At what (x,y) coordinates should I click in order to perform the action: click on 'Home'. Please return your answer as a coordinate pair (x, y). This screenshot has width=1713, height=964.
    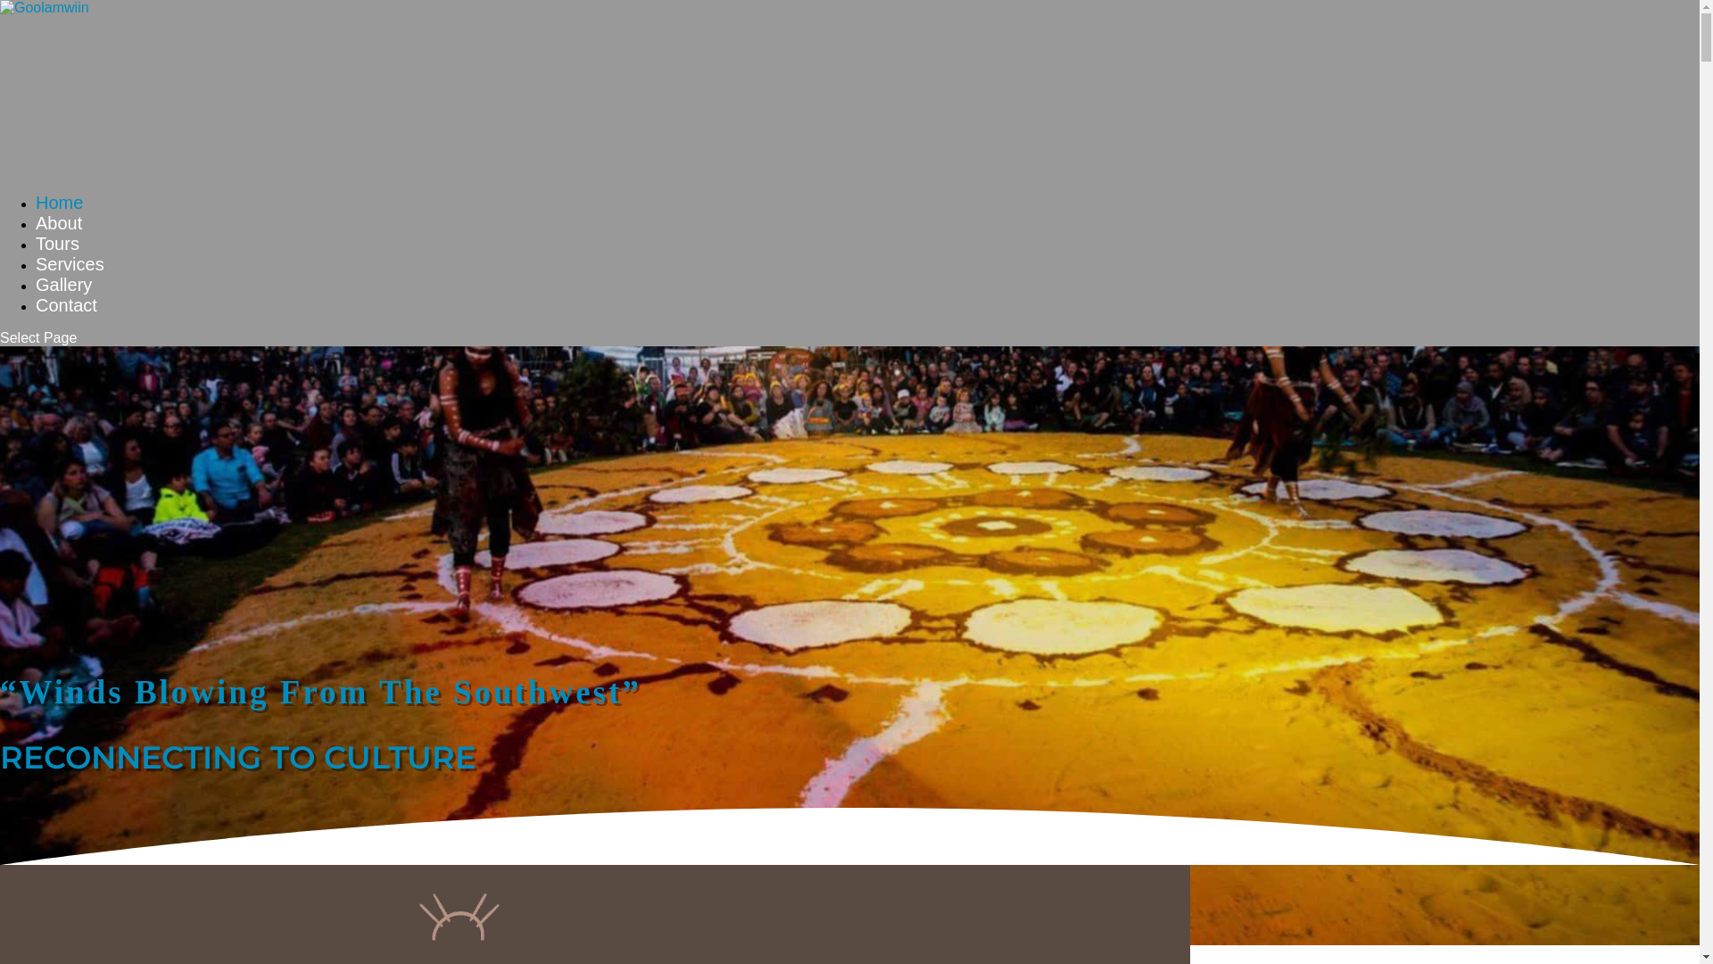
    Looking at the image, I should click on (59, 218).